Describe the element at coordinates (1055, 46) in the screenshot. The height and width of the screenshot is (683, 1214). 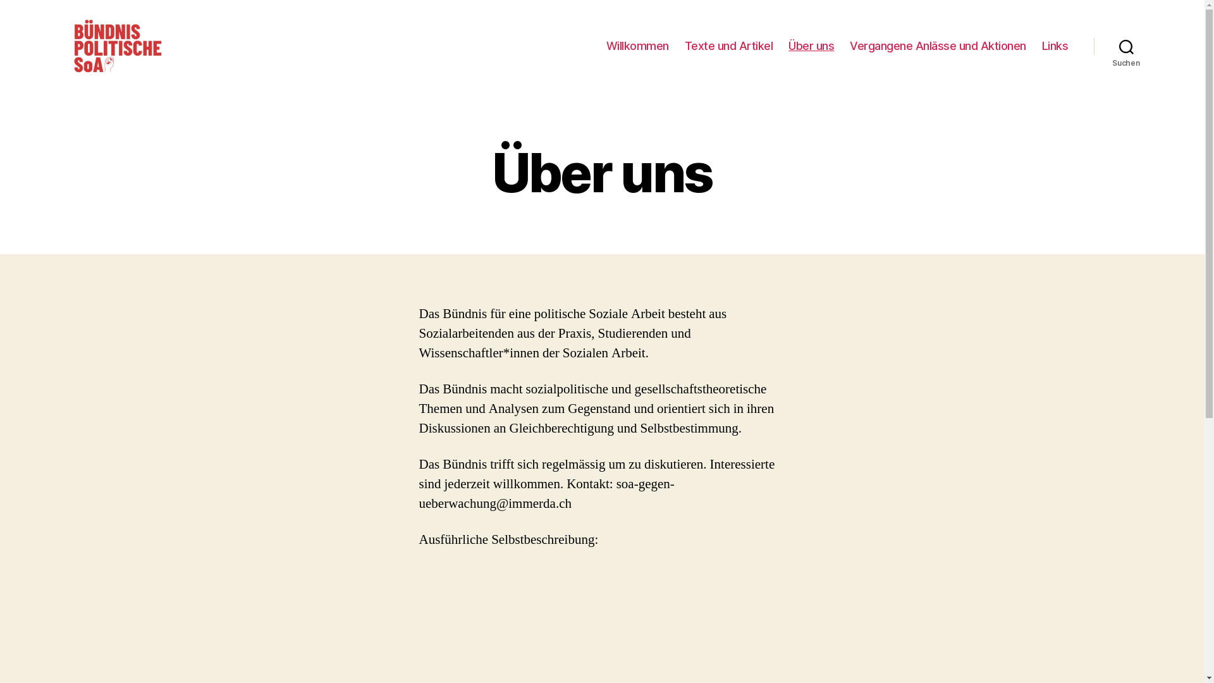
I see `'Links'` at that location.